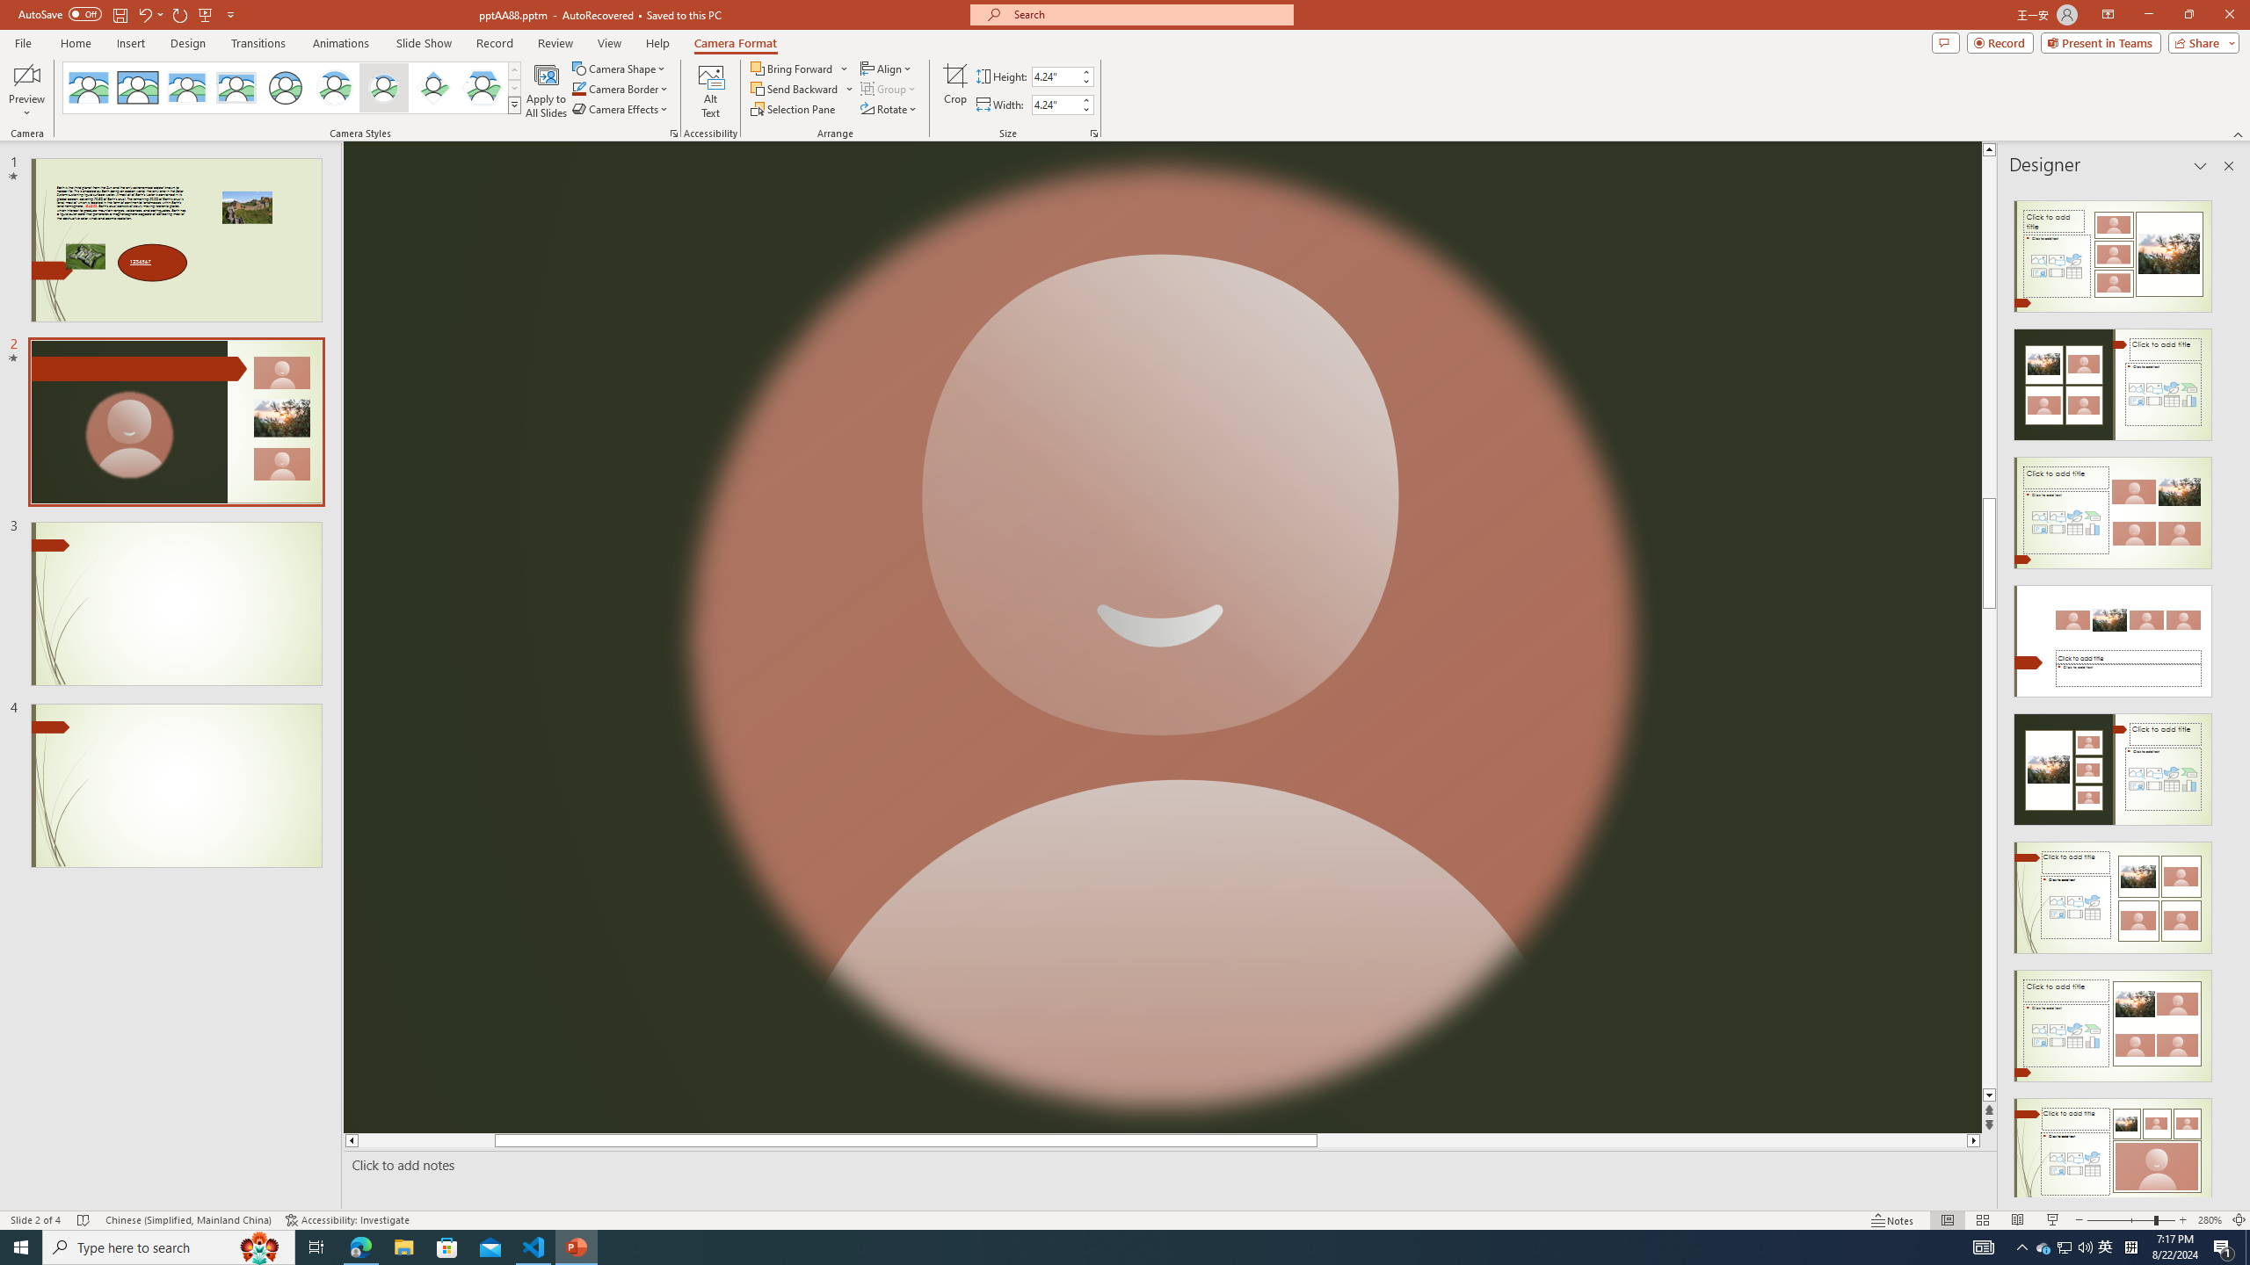 The image size is (2250, 1265). I want to click on 'Comments', so click(1945, 41).